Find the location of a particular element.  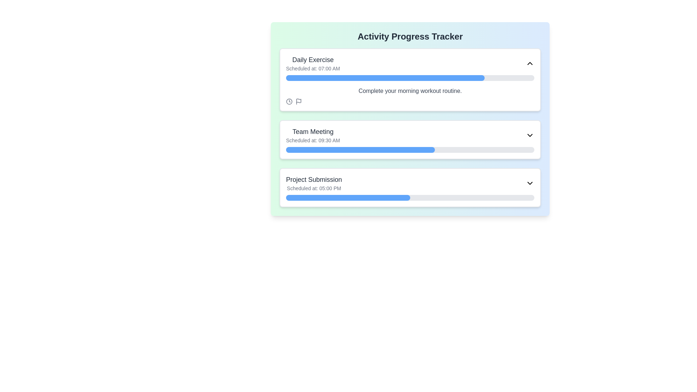

the Informational Card displaying 'Team Meeting' which is the second card in the 'Activity Progress Tracker' section is located at coordinates (410, 140).